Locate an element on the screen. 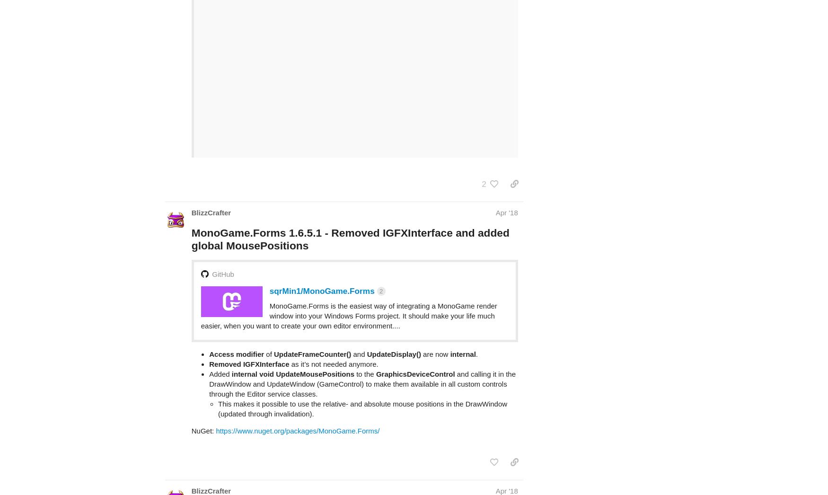  'MonoGame.Forms 1.6.5.1 - Removed IGFXInterface and added global MousePositions' is located at coordinates (350, 202).